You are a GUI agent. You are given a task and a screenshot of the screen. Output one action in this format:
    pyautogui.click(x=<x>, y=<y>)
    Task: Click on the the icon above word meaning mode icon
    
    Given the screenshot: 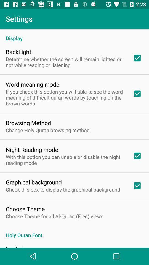 What is the action you would take?
    pyautogui.click(x=66, y=62)
    